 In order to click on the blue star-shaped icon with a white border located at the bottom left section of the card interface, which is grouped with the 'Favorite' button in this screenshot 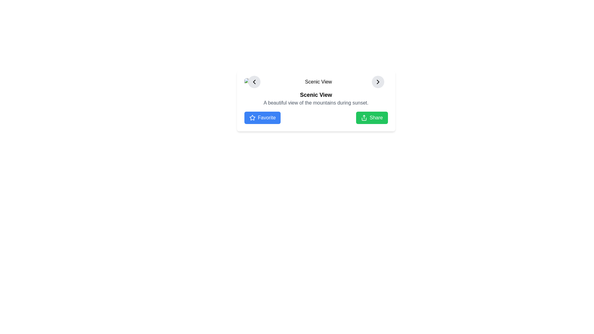, I will do `click(252, 118)`.